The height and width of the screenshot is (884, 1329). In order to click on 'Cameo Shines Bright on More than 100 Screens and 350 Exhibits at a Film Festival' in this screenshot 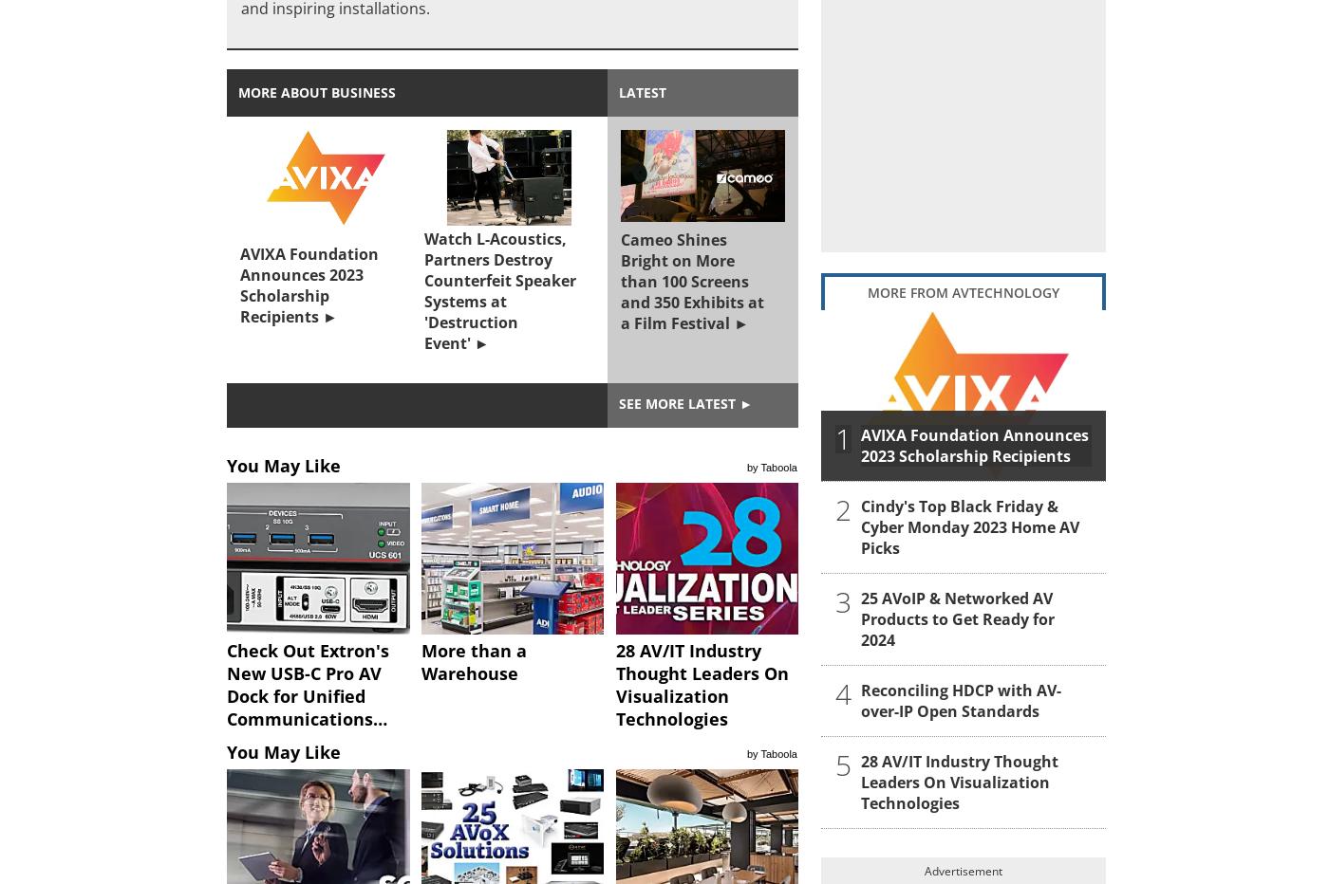, I will do `click(692, 282)`.